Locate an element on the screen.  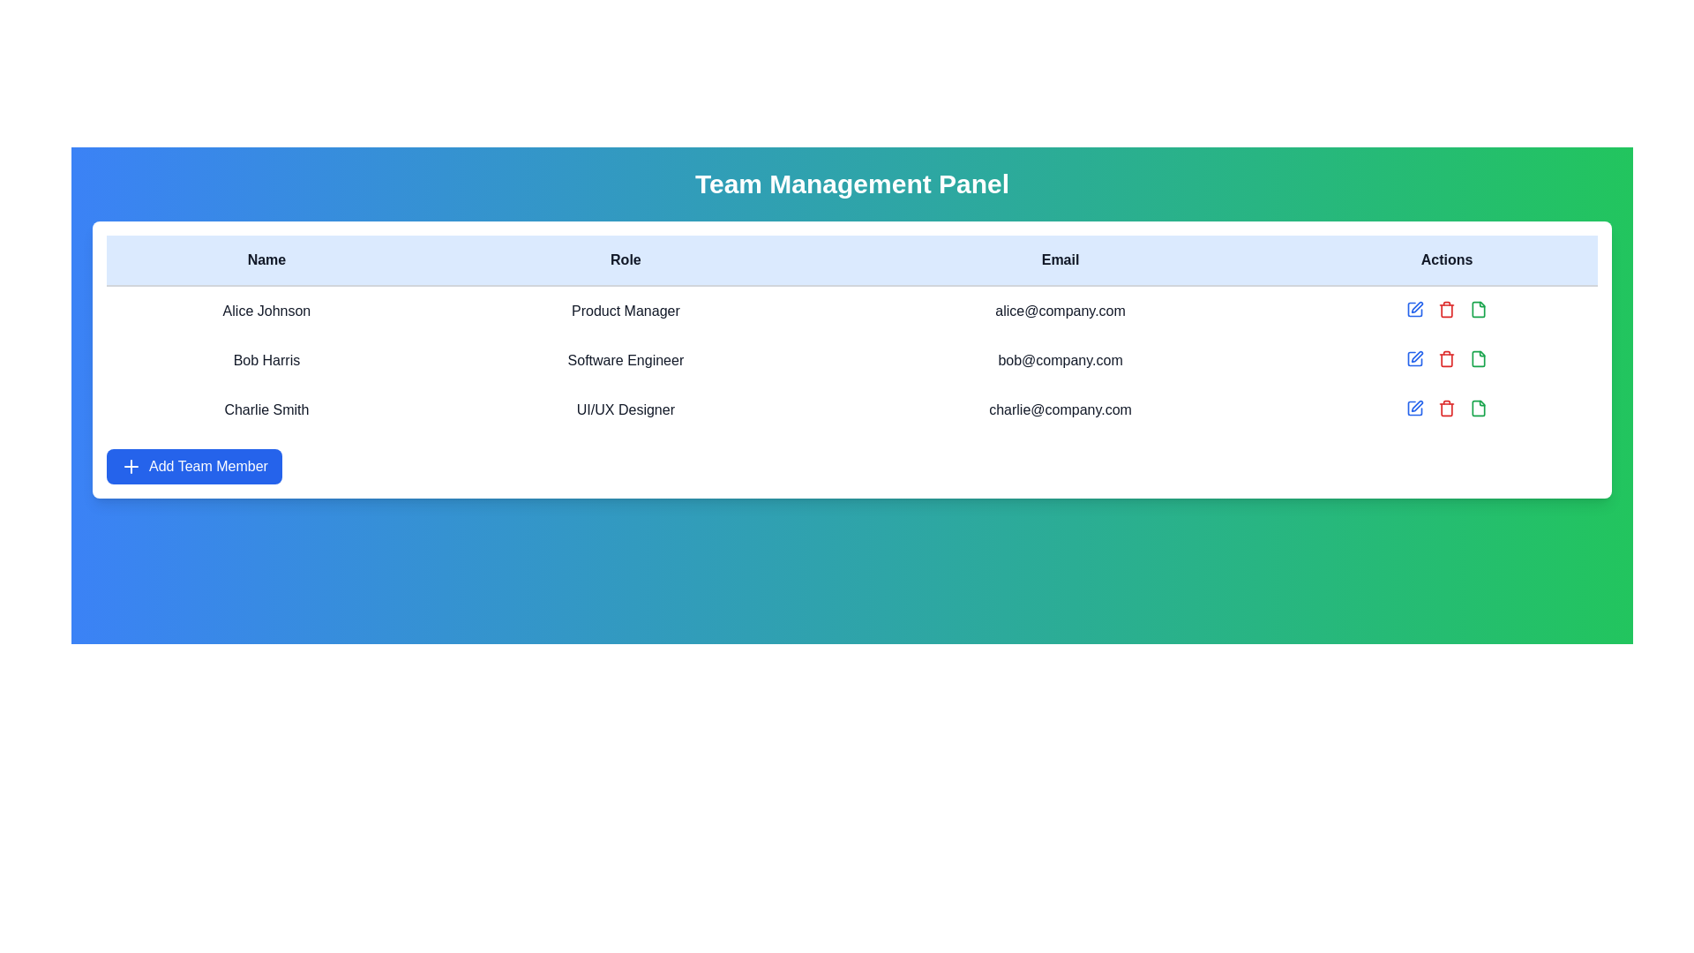
the static text displaying the job role of the employee 'Bob Harris' within the team management panel is located at coordinates (626, 359).